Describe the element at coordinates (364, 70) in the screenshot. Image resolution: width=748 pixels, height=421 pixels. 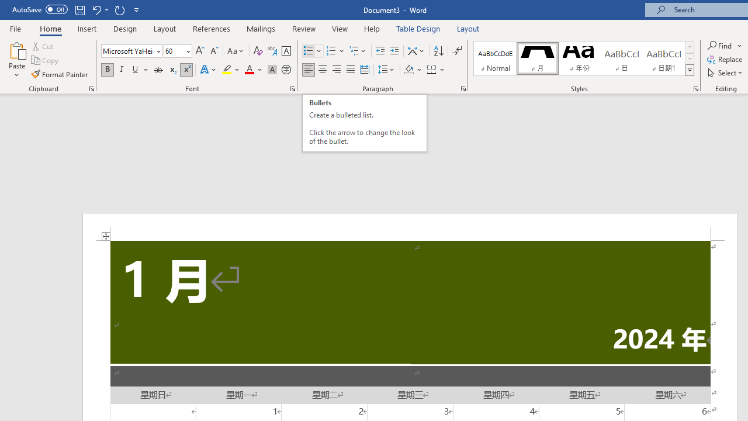
I see `'Distributed'` at that location.